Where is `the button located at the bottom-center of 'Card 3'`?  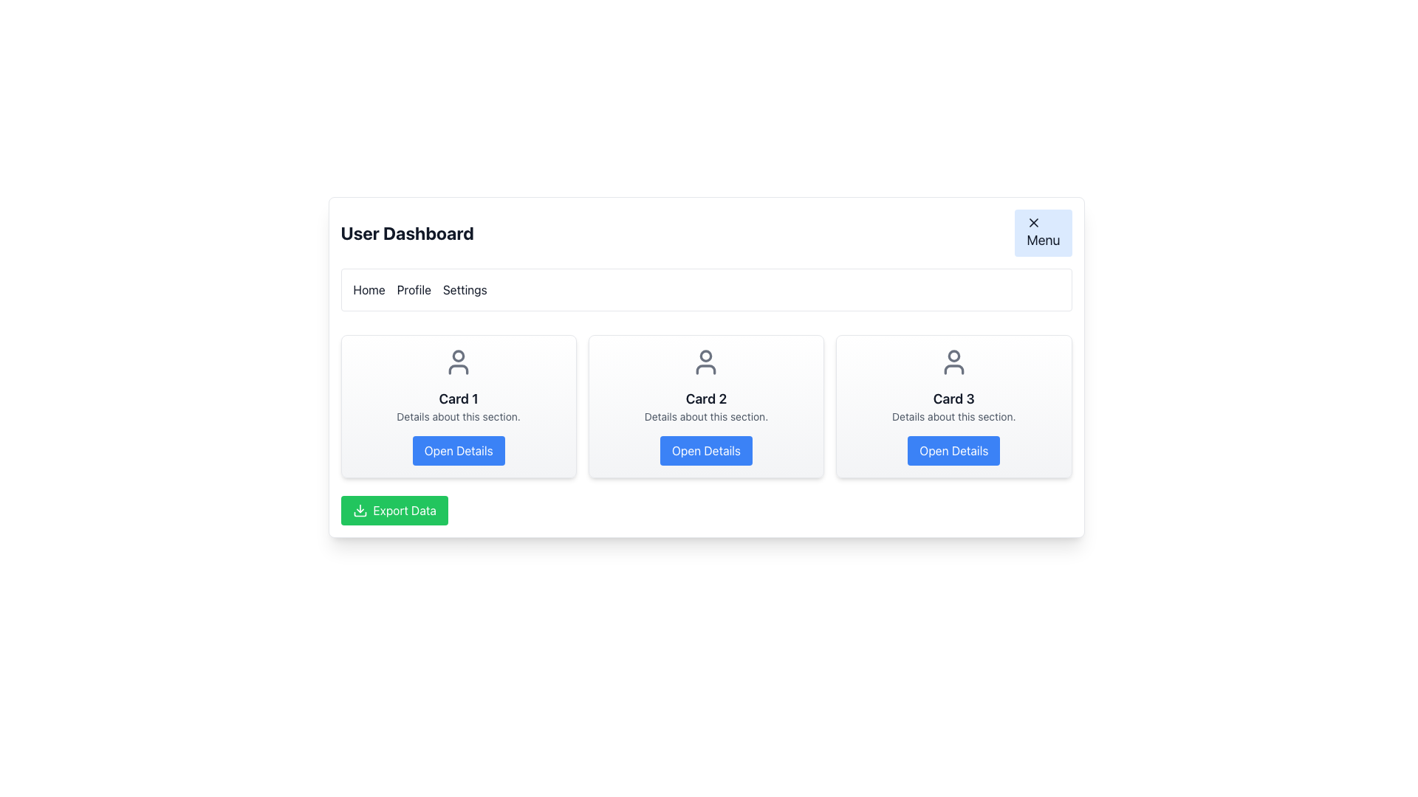 the button located at the bottom-center of 'Card 3' is located at coordinates (953, 449).